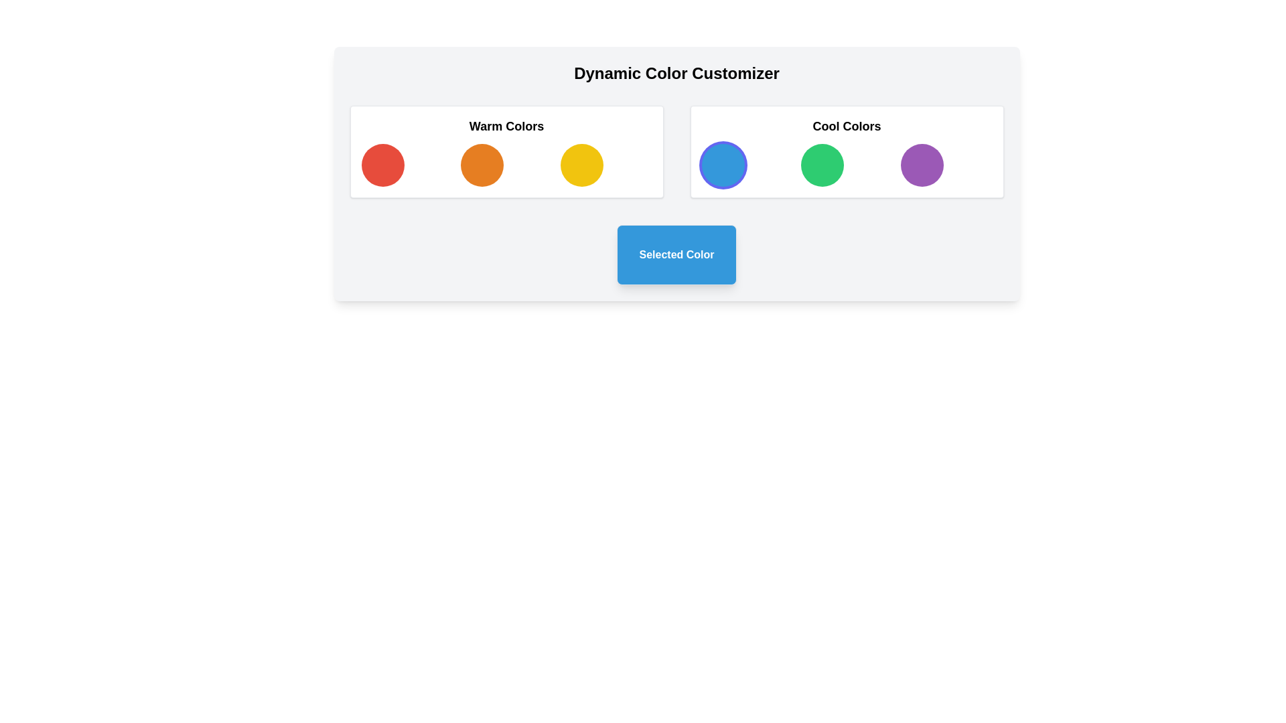 The image size is (1286, 723). I want to click on the rectangular button with a blue background and rounded corners containing the text 'Selected Color', which is centrally positioned below the sections labeled 'Warm Colors' and 'Cool Colors', so click(676, 255).